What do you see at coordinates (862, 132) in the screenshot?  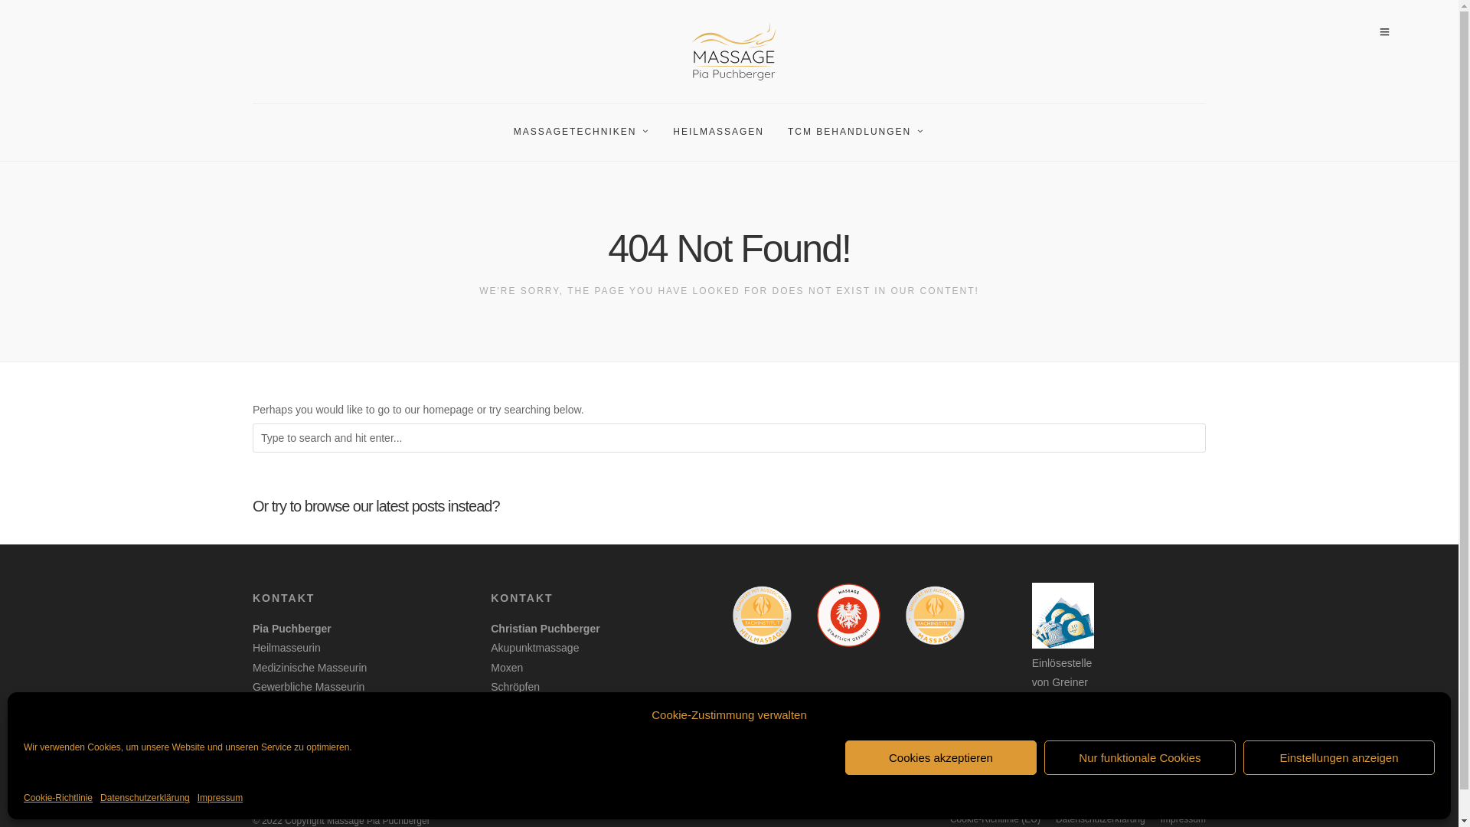 I see `'TCM BEHANDLUNGEN'` at bounding box center [862, 132].